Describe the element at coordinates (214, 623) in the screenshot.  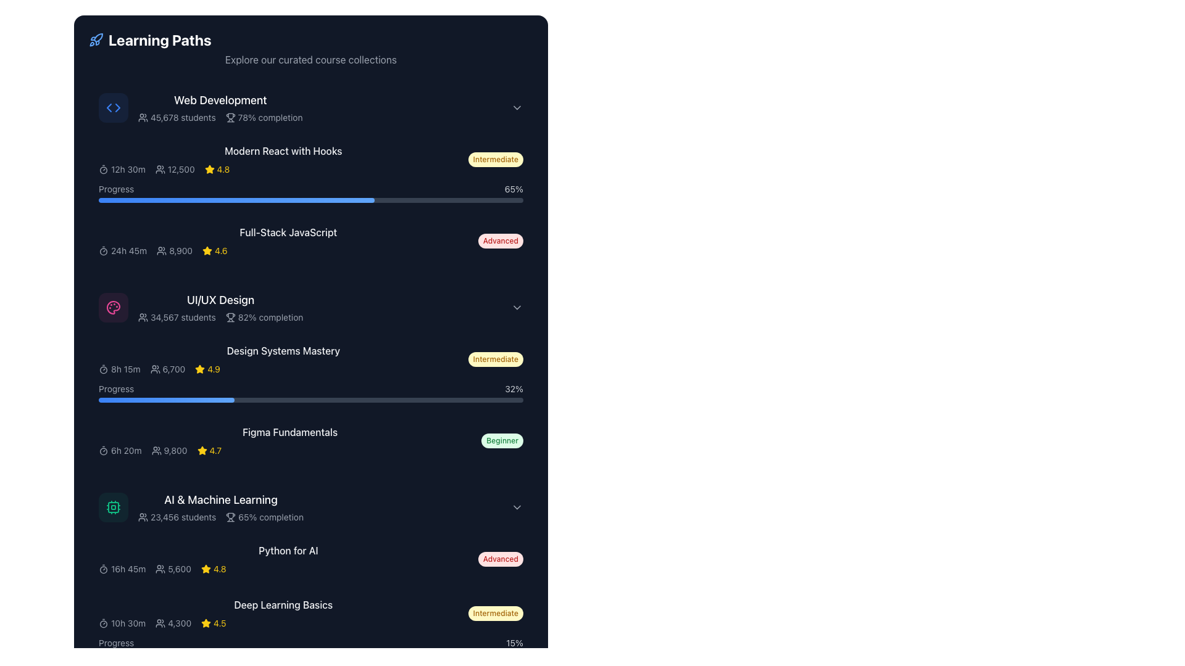
I see `the Rating Display for the course 'Deep Learning Basics', which shows a yellow star icon followed by the numeric value '4.5'` at that location.